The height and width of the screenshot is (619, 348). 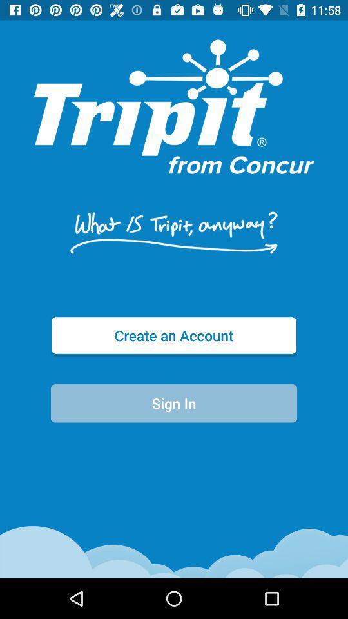 What do you see at coordinates (174, 335) in the screenshot?
I see `create an account` at bounding box center [174, 335].